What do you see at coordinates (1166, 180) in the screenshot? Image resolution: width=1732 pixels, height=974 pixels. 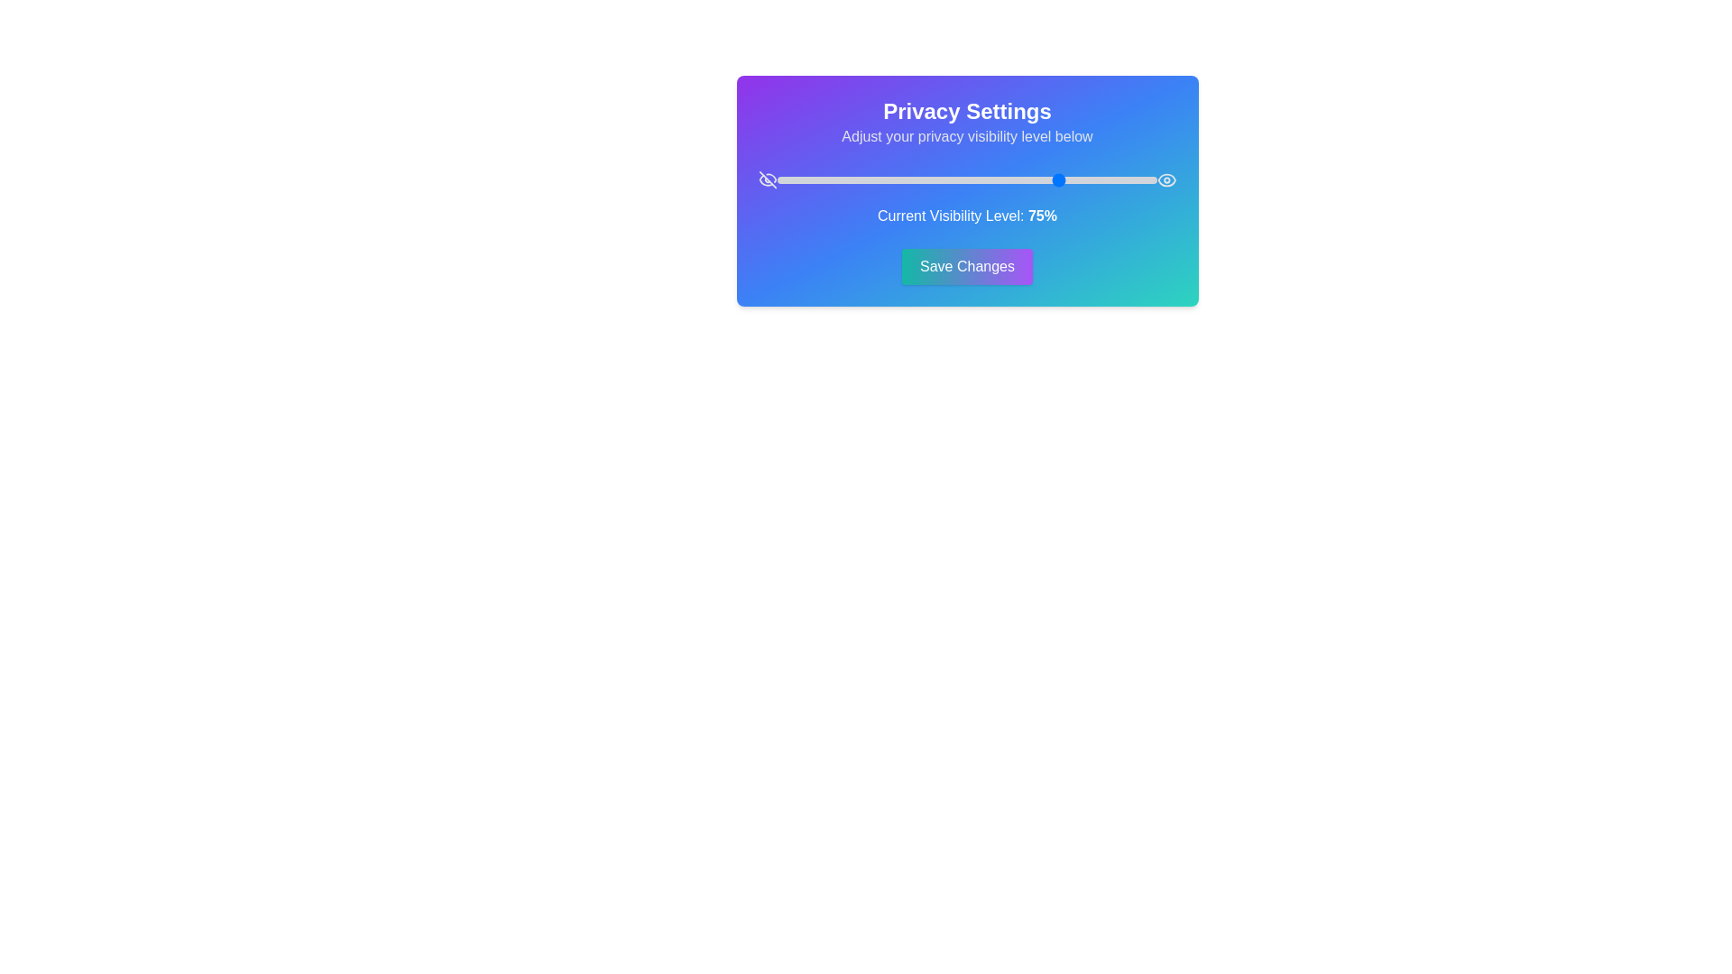 I see `the icon Eye to explore its interactivity` at bounding box center [1166, 180].